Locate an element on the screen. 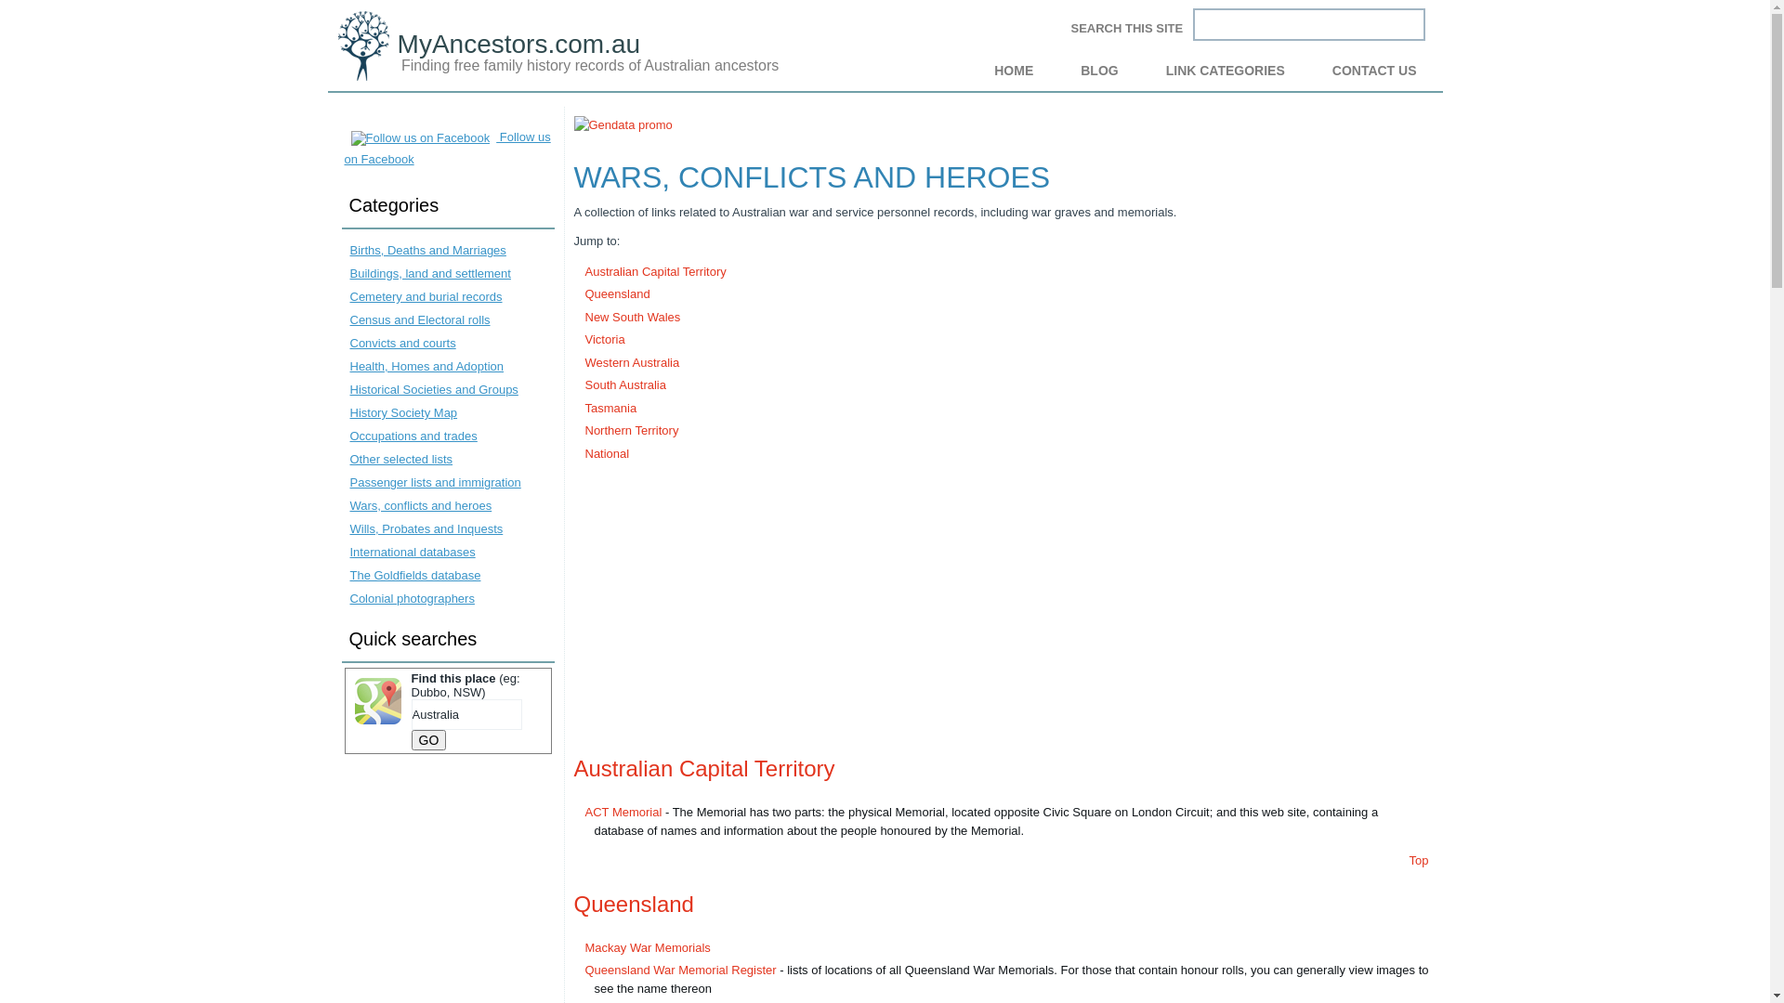 The image size is (1784, 1003). 'MyAncestors.com.au' is located at coordinates (518, 43).